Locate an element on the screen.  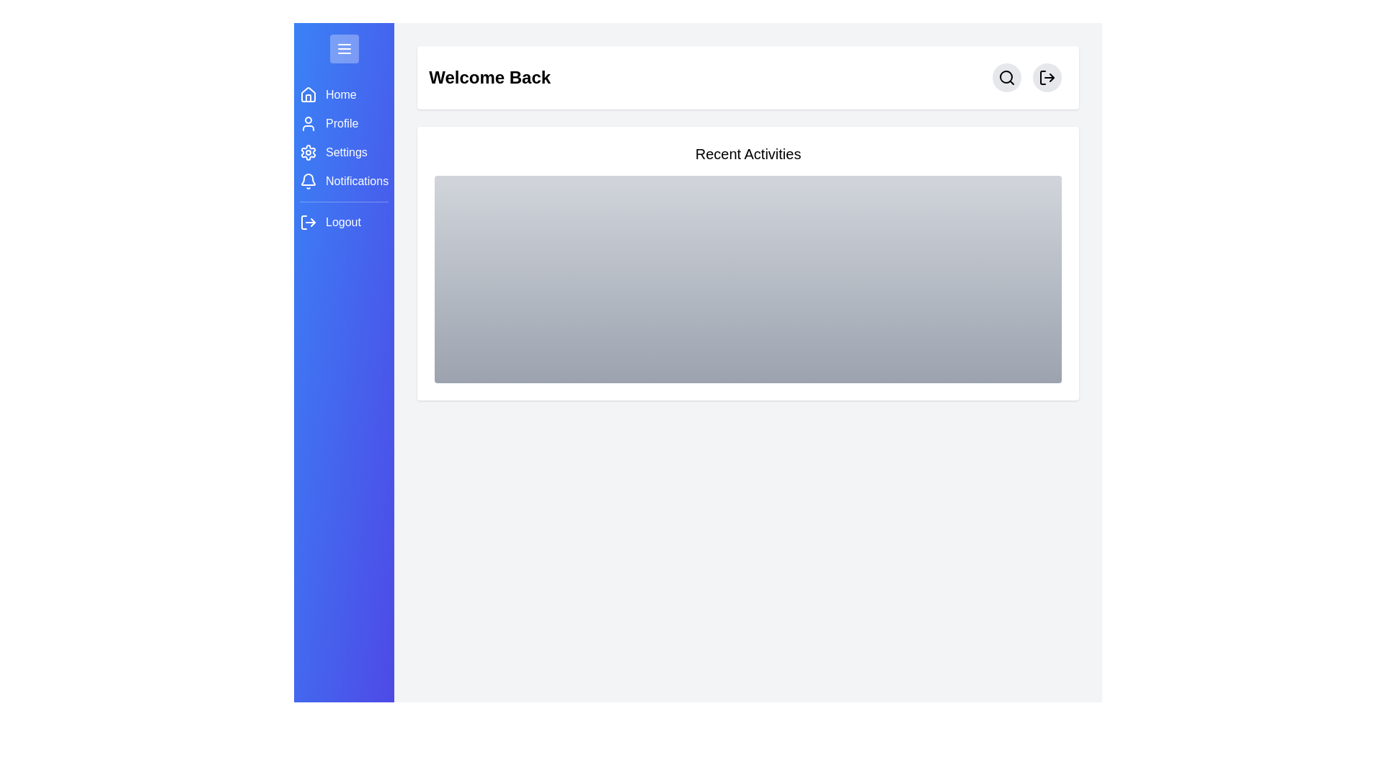
the rectangular button with a semi-transparent white background and a menu icon (three horizontal lines) located at the top-left corner of the interface is located at coordinates (343, 48).